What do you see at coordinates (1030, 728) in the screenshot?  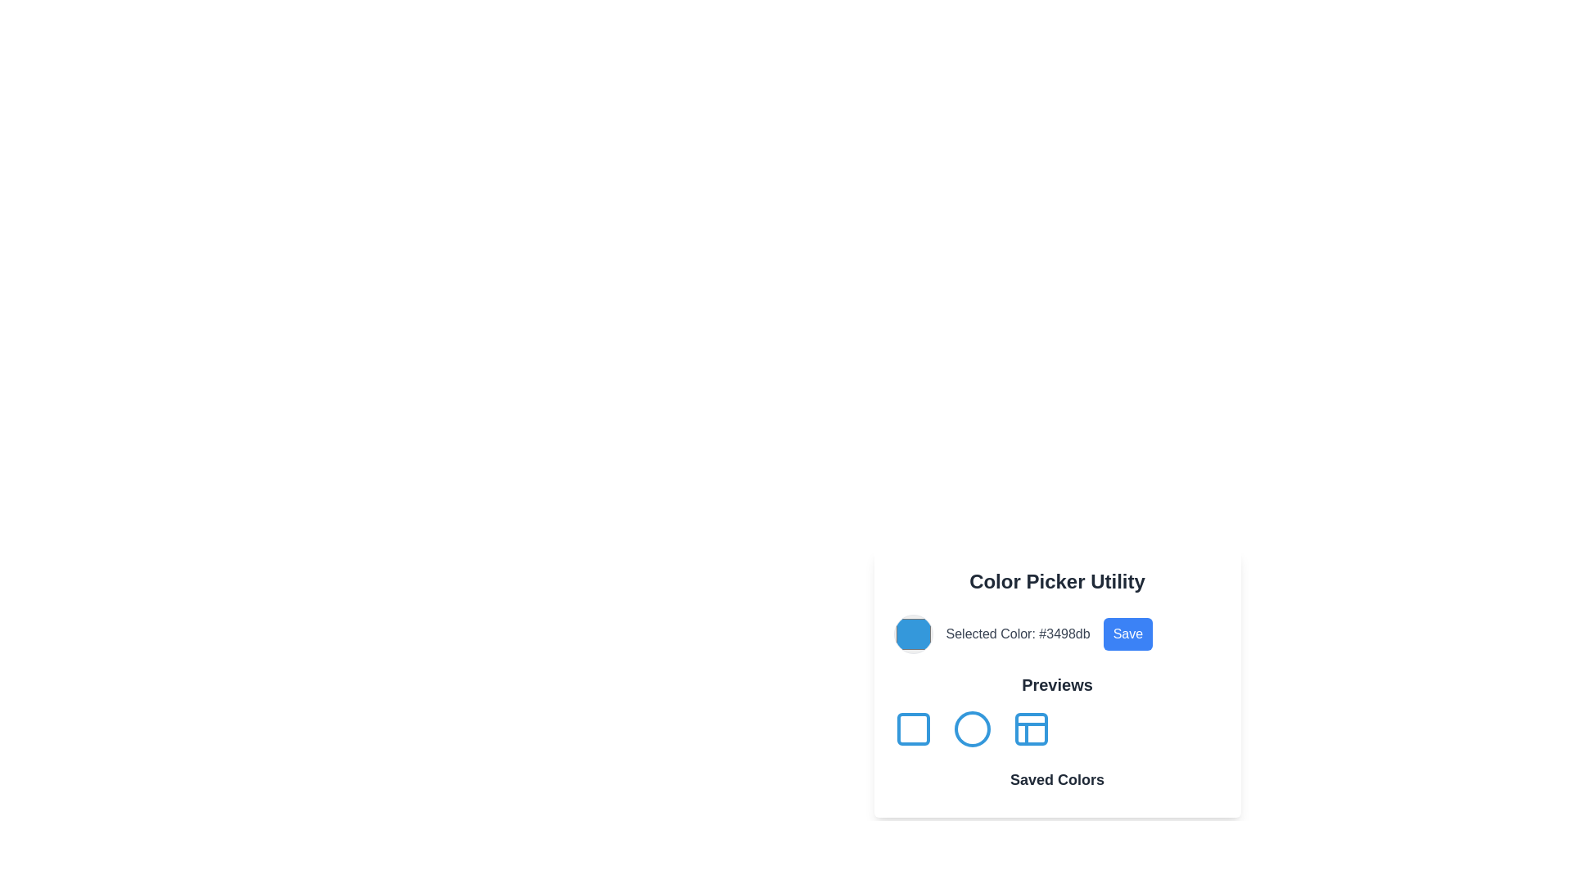 I see `the SVG graphical element that represents a selectable feature in the third preview icon under the 'Previews' section of the 'Color Picker Utility'` at bounding box center [1030, 728].